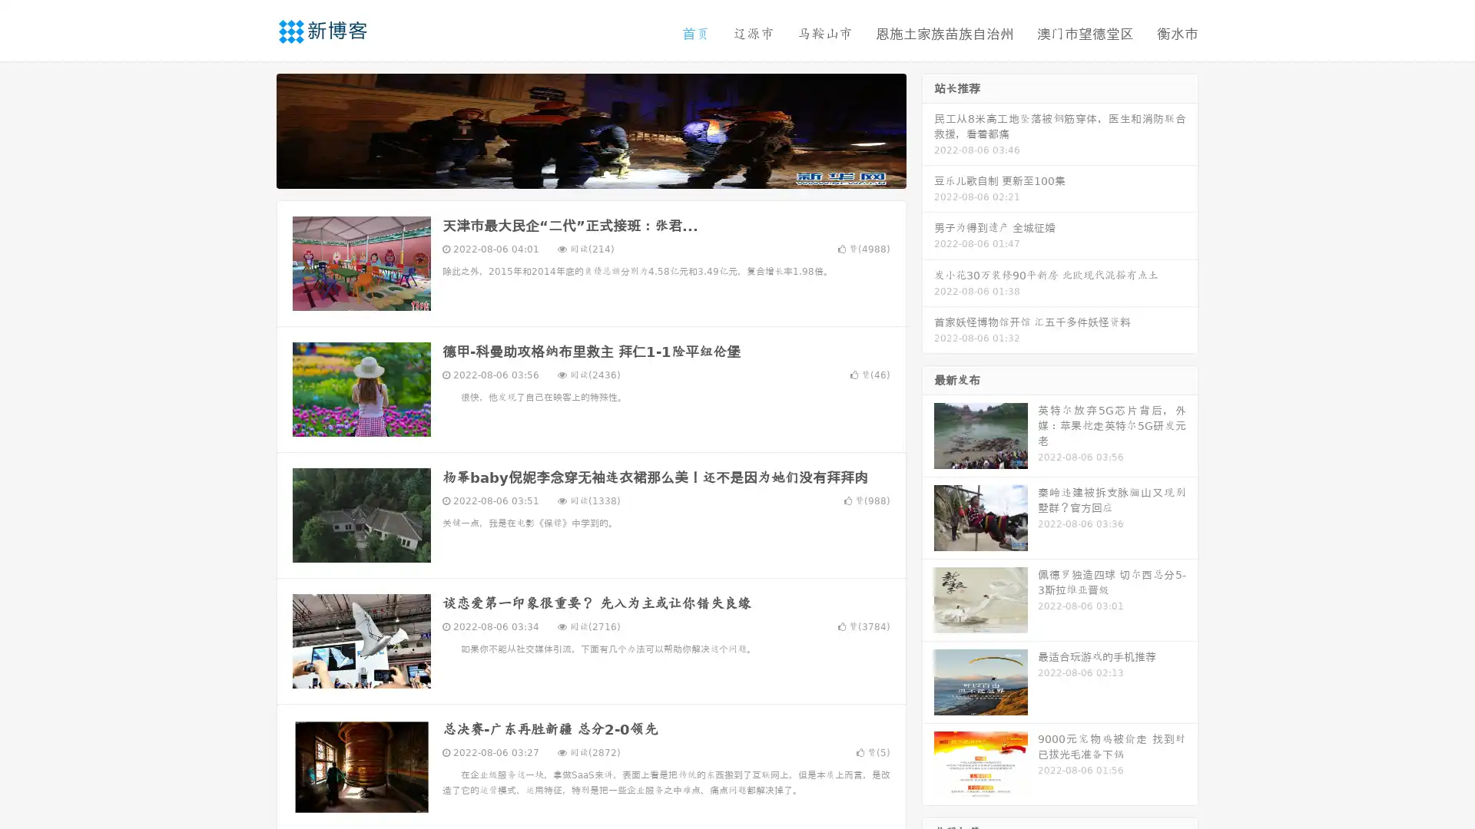 The height and width of the screenshot is (829, 1475). What do you see at coordinates (590, 173) in the screenshot?
I see `Go to slide 2` at bounding box center [590, 173].